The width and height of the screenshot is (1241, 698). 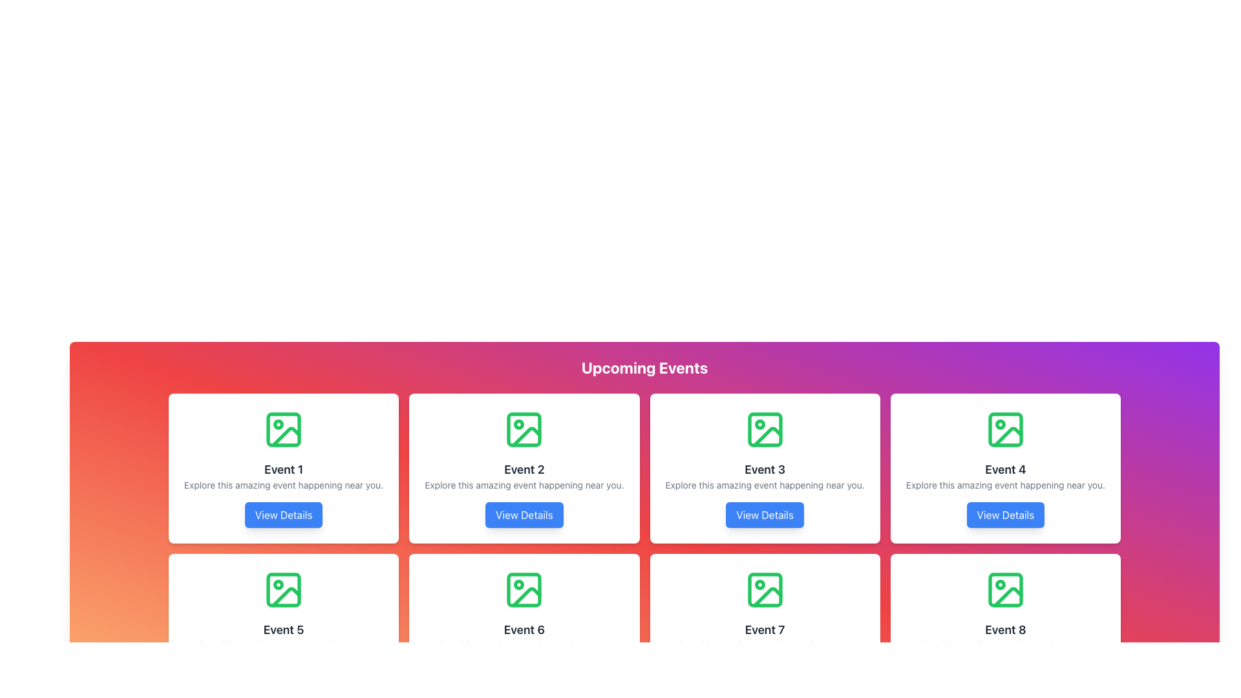 What do you see at coordinates (999, 424) in the screenshot?
I see `the decorative circle graphic marker located in the top-right corner of the image icon on the fourth card of the grid layout` at bounding box center [999, 424].